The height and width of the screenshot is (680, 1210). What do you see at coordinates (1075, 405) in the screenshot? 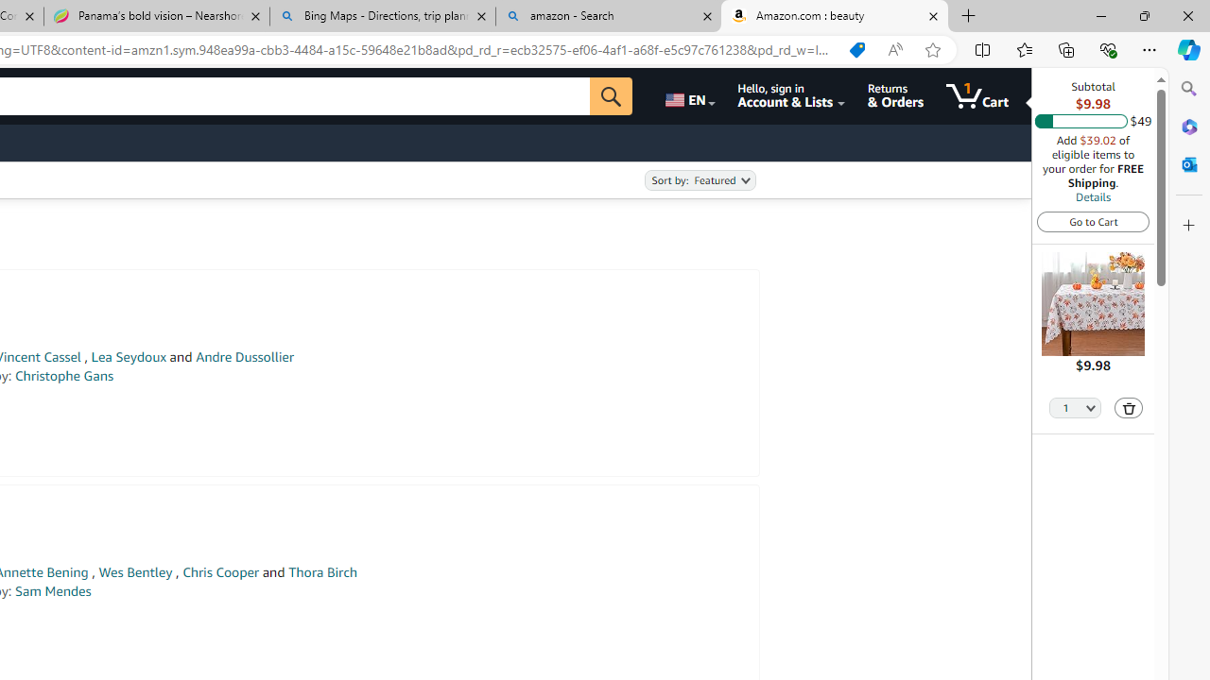
I see `'Quantity Selector'` at bounding box center [1075, 405].